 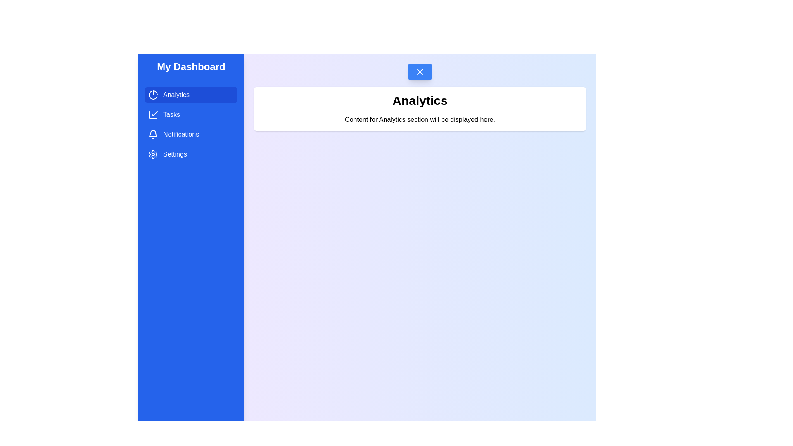 I want to click on the button at the top of the dashboard to toggle the drawer visibility, so click(x=420, y=71).